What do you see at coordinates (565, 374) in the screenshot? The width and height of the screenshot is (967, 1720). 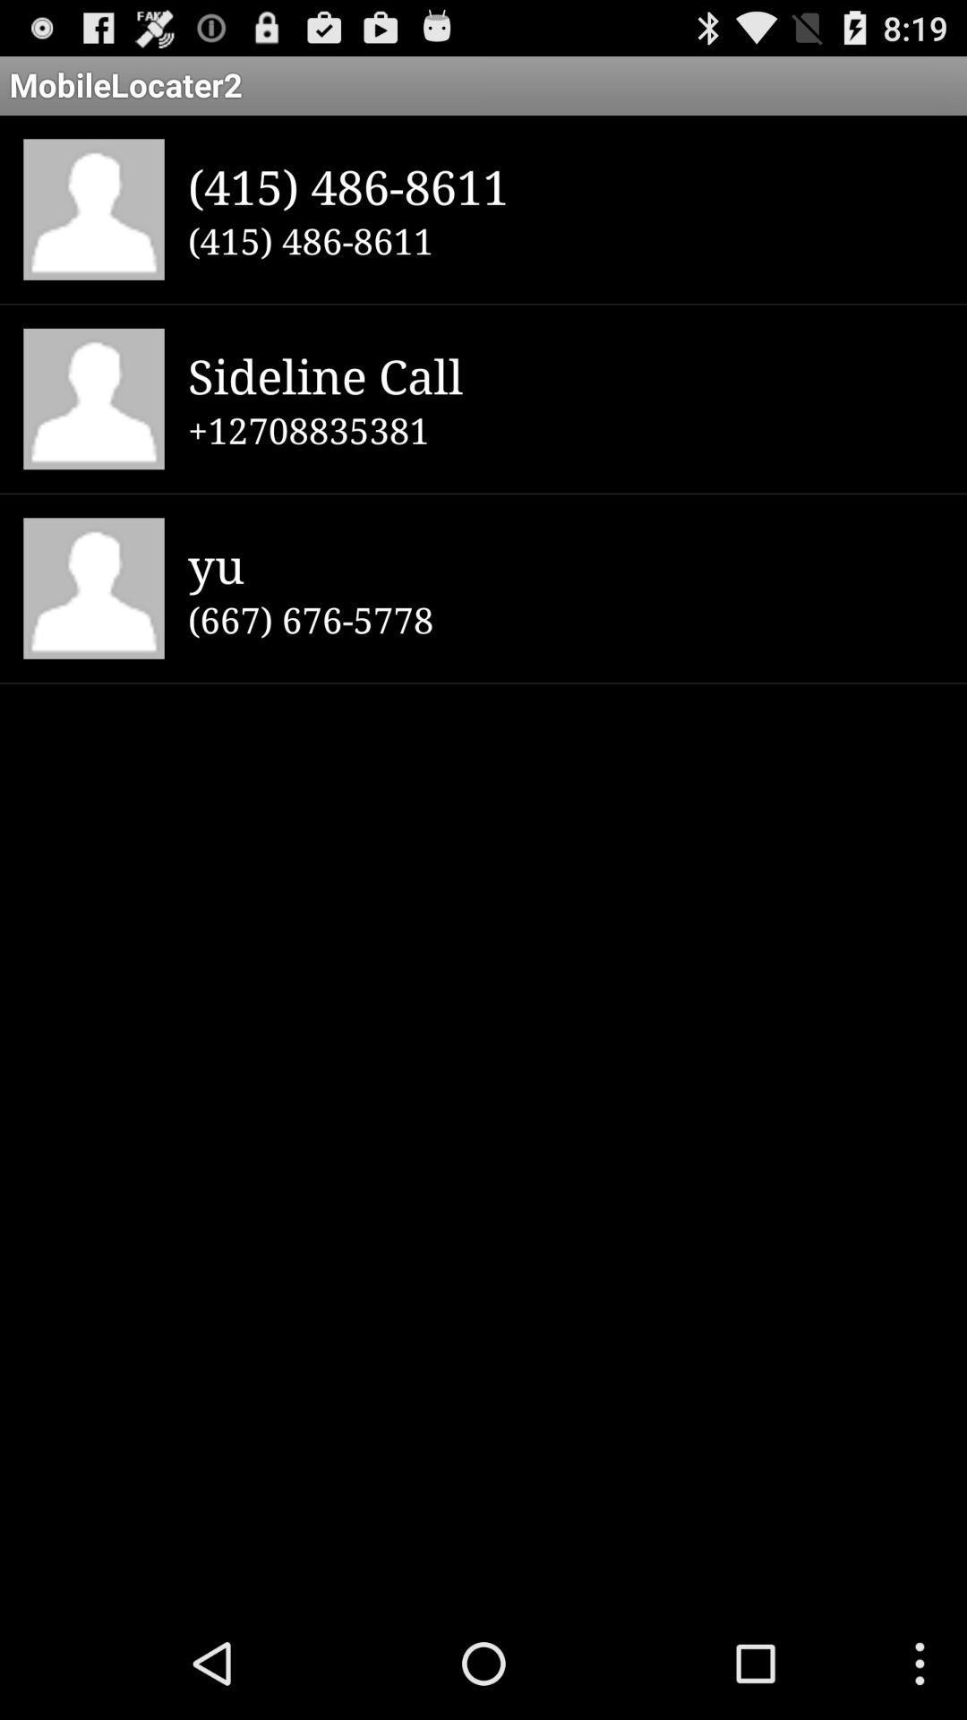 I see `sideline call app` at bounding box center [565, 374].